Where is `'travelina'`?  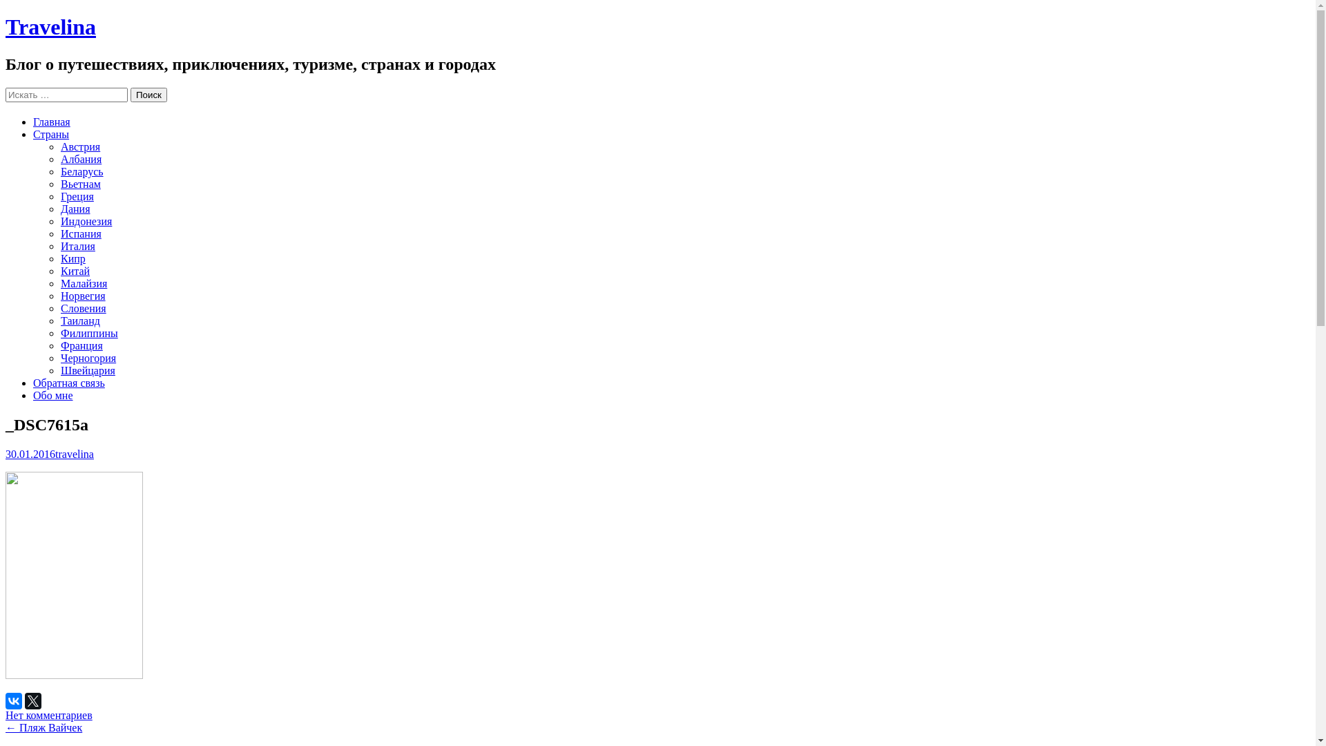
'travelina' is located at coordinates (73, 453).